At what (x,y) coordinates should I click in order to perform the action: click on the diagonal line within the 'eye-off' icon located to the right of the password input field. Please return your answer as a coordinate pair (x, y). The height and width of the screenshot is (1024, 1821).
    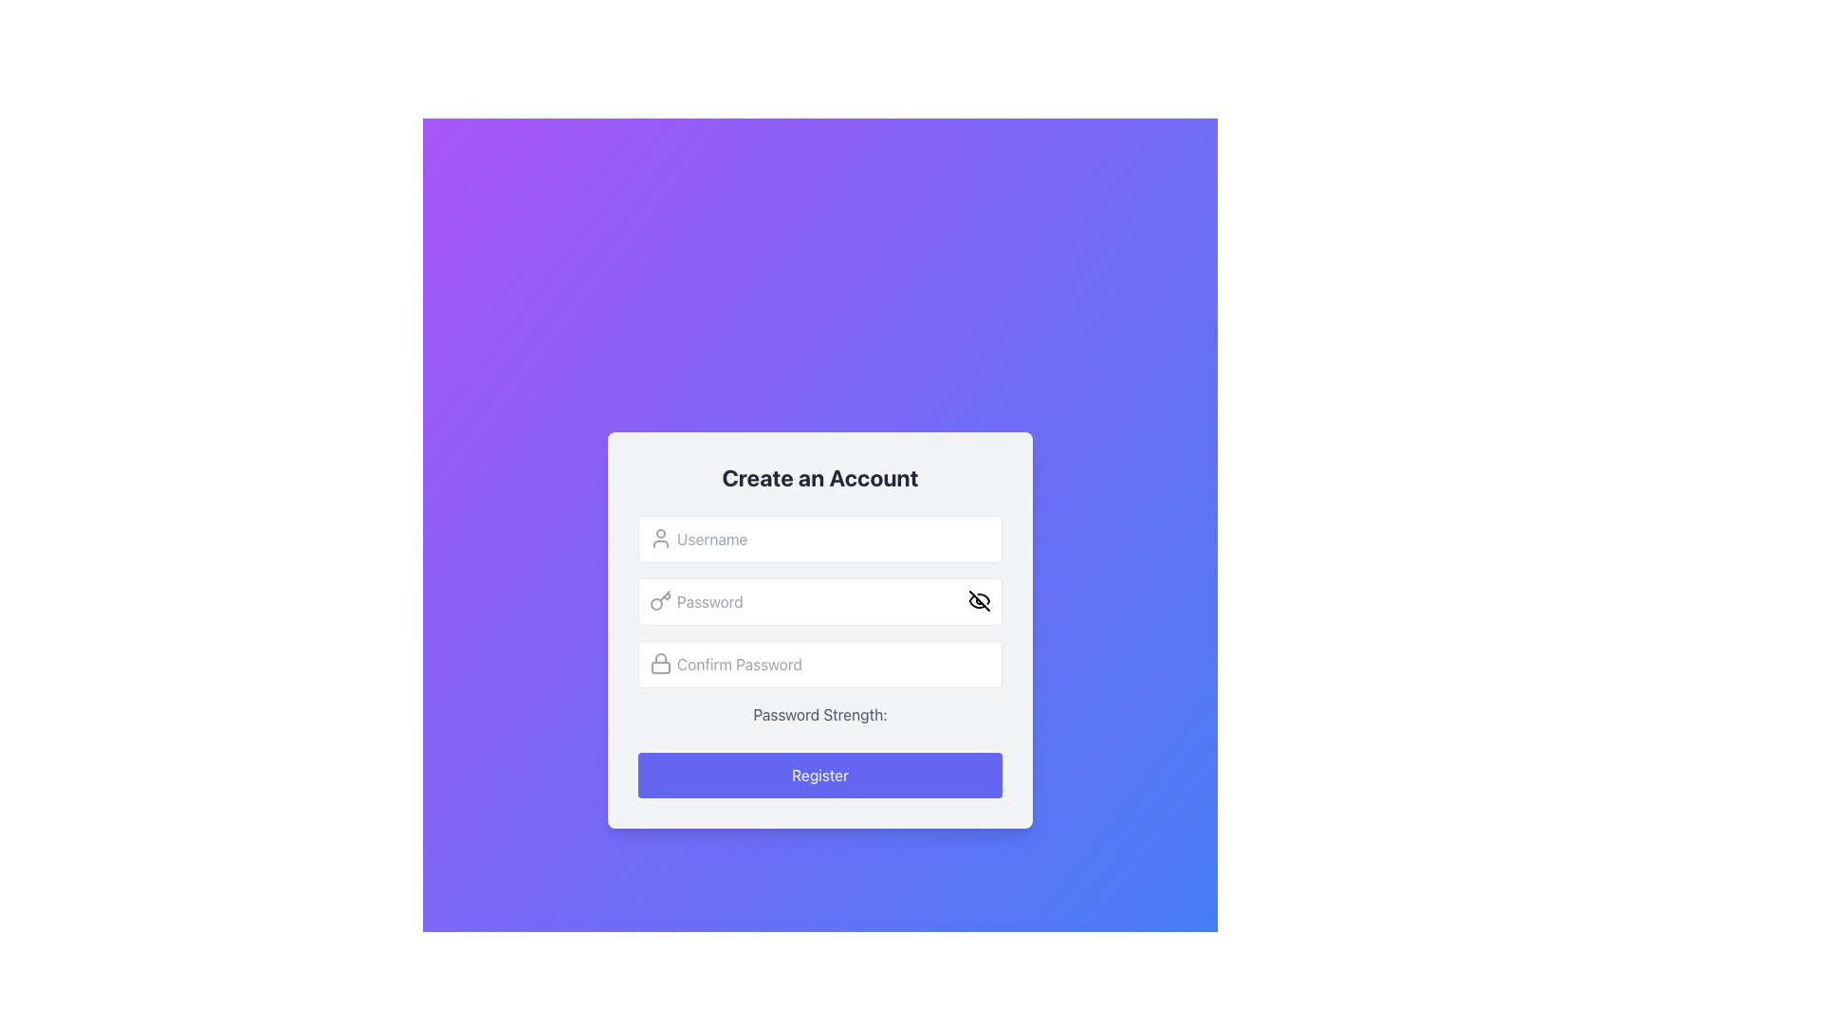
    Looking at the image, I should click on (979, 600).